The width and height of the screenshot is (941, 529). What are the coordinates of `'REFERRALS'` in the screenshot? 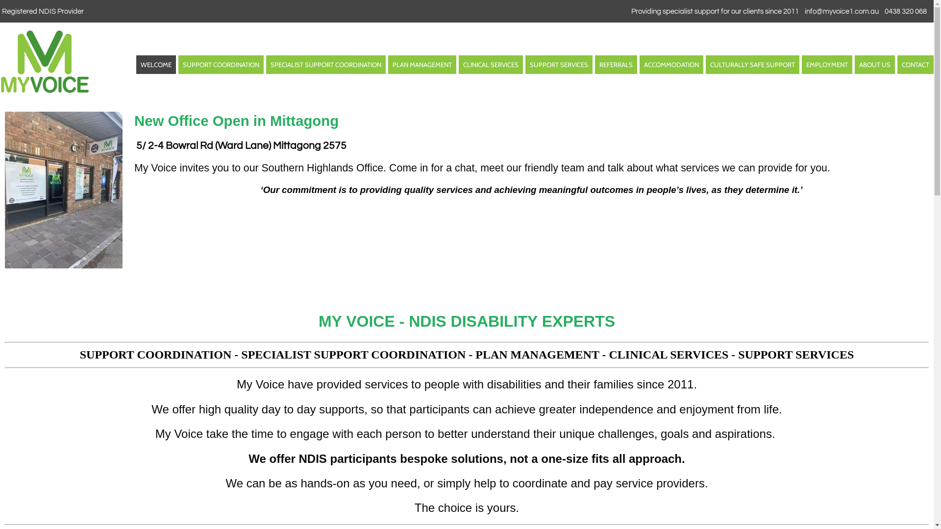 It's located at (616, 65).